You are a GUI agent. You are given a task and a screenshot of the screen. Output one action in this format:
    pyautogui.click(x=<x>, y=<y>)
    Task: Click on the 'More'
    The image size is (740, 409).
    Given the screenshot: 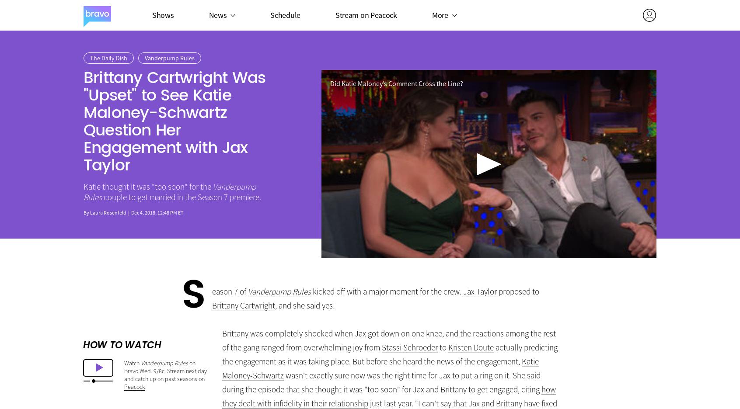 What is the action you would take?
    pyautogui.click(x=439, y=14)
    